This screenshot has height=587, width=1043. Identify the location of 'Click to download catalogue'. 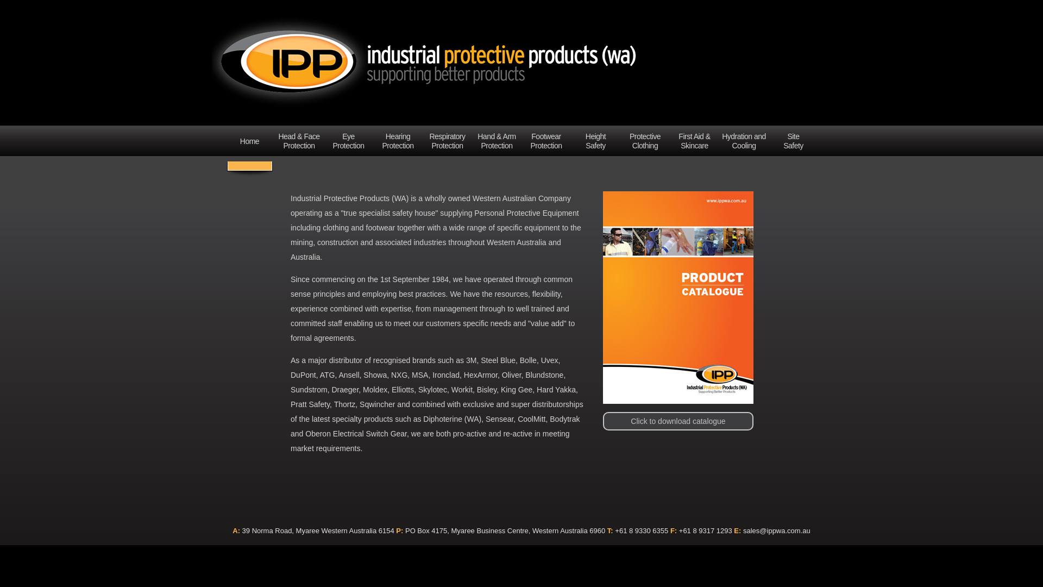
(717, 361).